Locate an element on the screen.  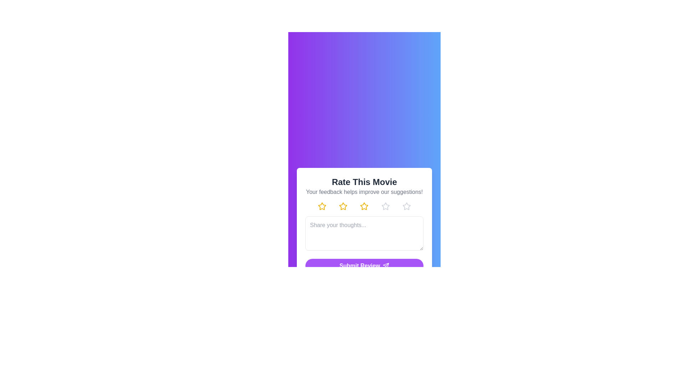
the 'Submit Review' button by navigating through elements is located at coordinates (364, 266).